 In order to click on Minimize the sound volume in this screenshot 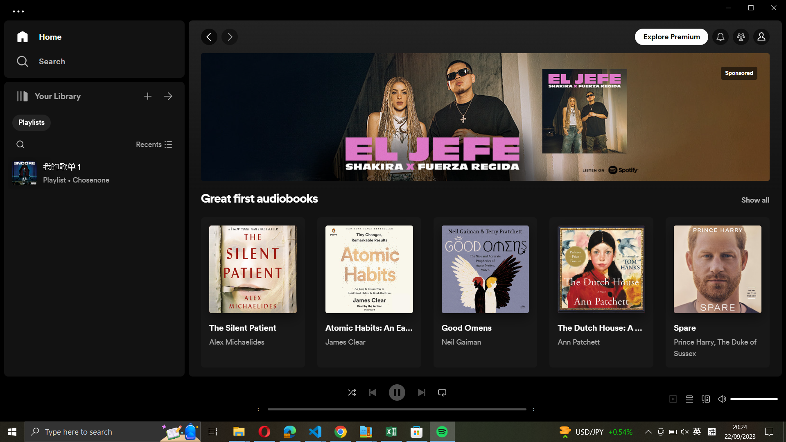, I will do `click(733, 398)`.